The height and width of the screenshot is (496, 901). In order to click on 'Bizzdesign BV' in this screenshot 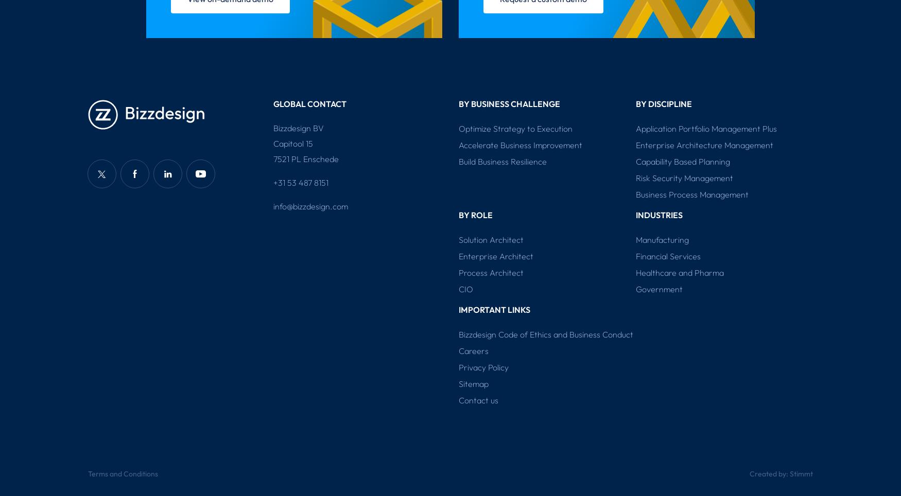, I will do `click(272, 128)`.